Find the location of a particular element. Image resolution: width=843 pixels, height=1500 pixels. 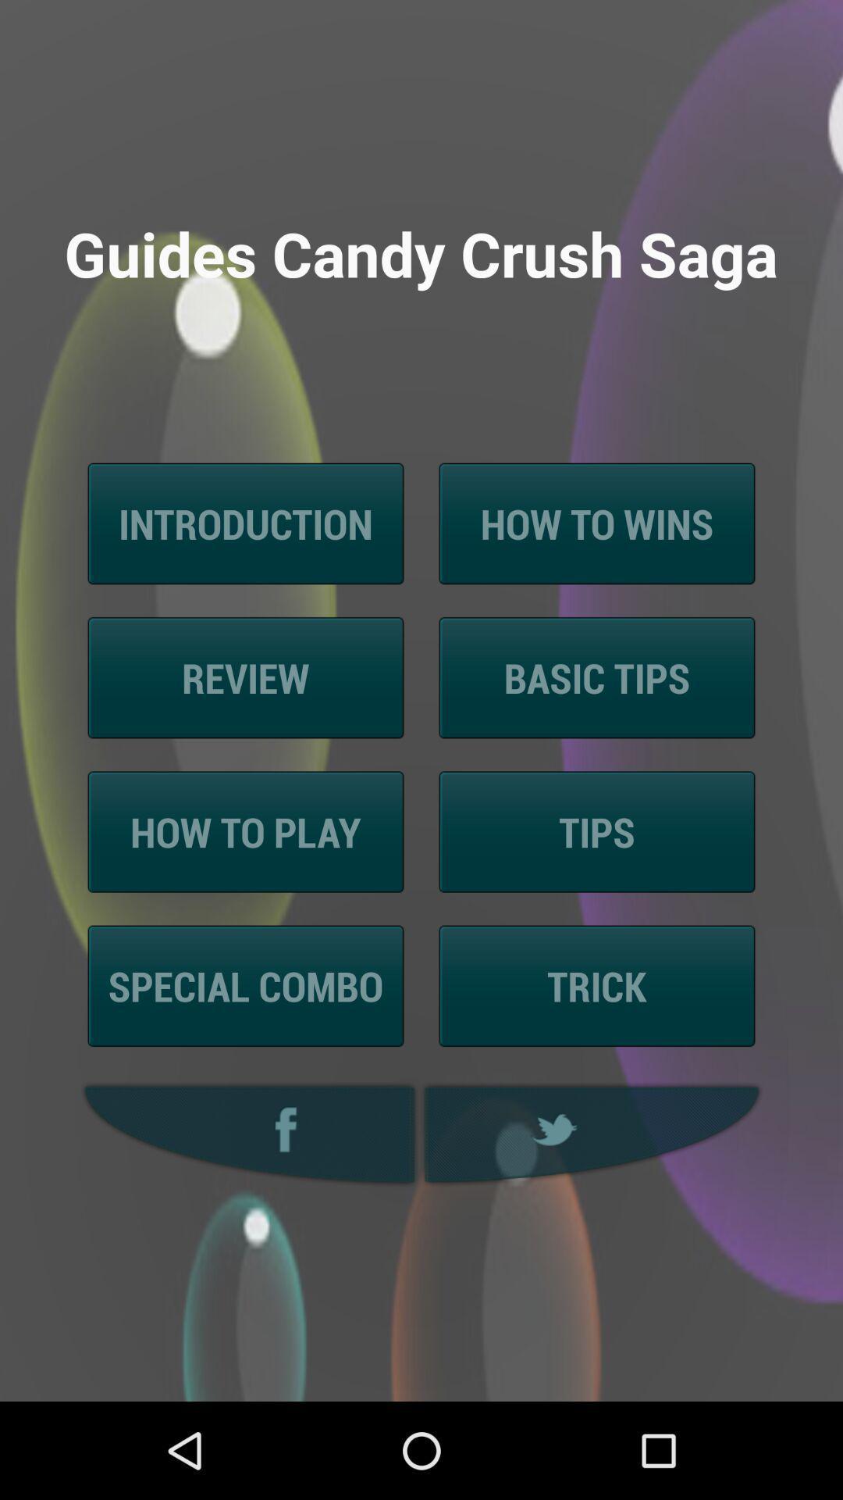

item below the introduction is located at coordinates (246, 677).